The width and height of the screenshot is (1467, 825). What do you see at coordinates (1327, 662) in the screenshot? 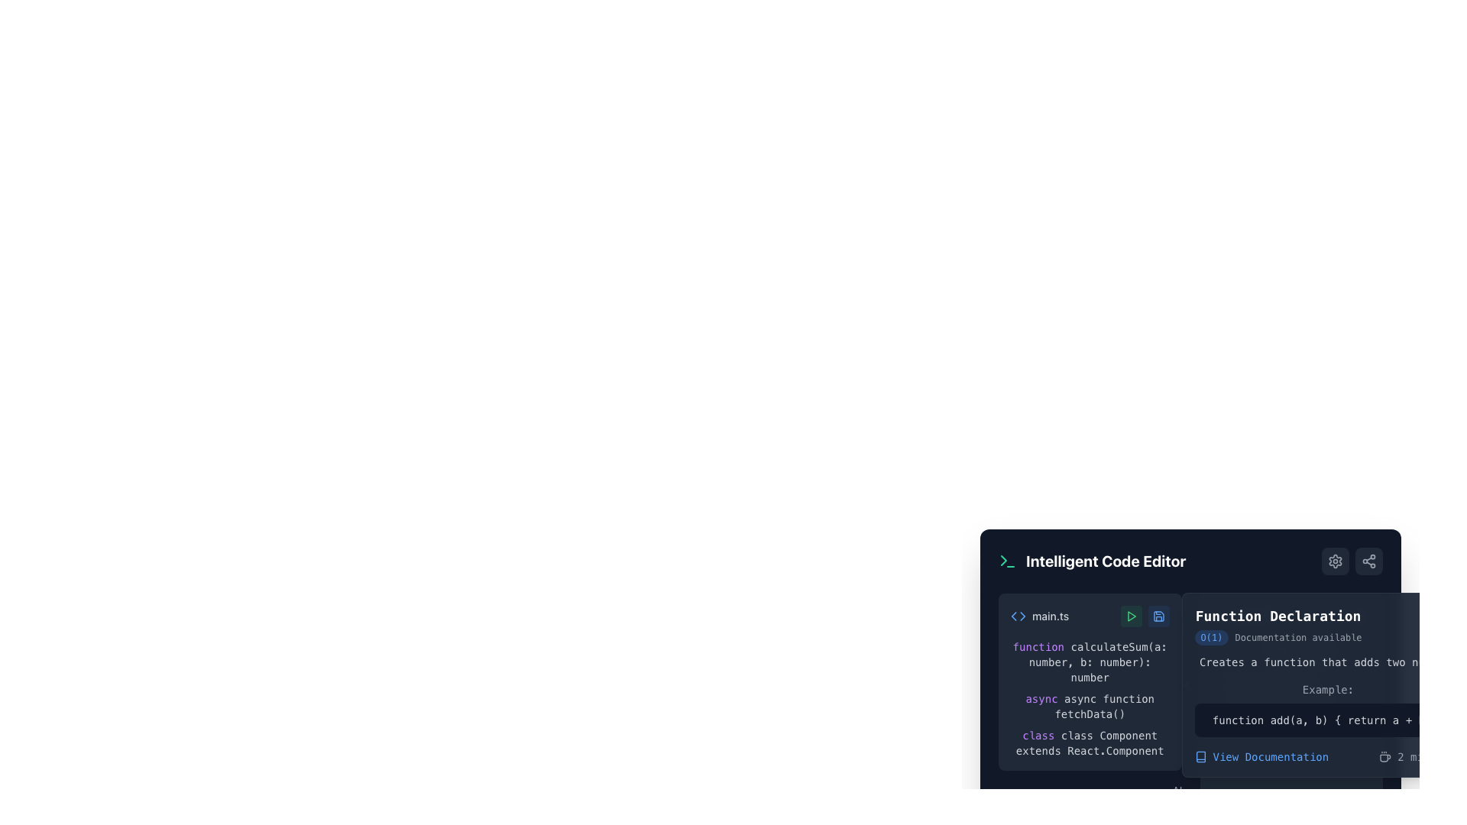
I see `the text block that contains the content 'Creates a function that adds two numbers', which is styled with a small font size and gray color, located within a dark card-like component beneath the heading 'Function Declaration'` at bounding box center [1327, 662].